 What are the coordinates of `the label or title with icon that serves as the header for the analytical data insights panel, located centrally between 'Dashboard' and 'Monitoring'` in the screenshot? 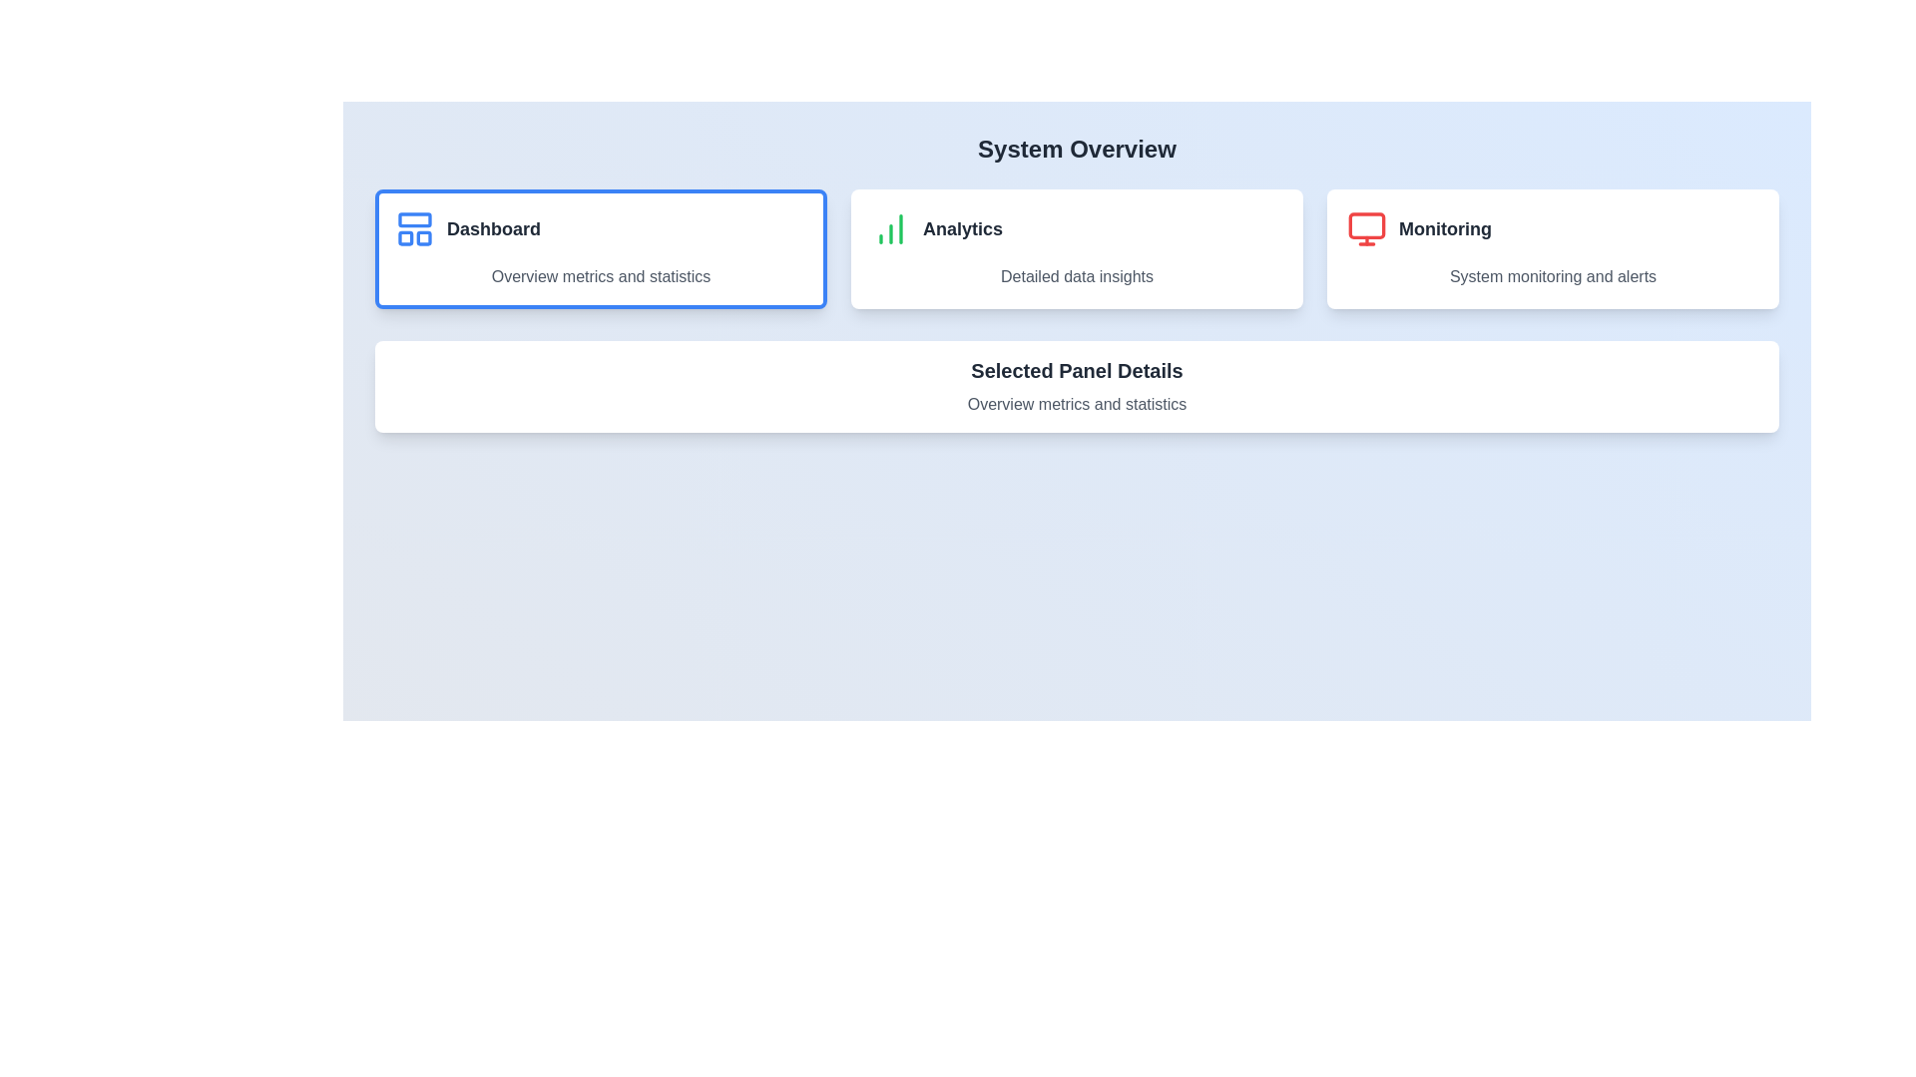 It's located at (1076, 228).